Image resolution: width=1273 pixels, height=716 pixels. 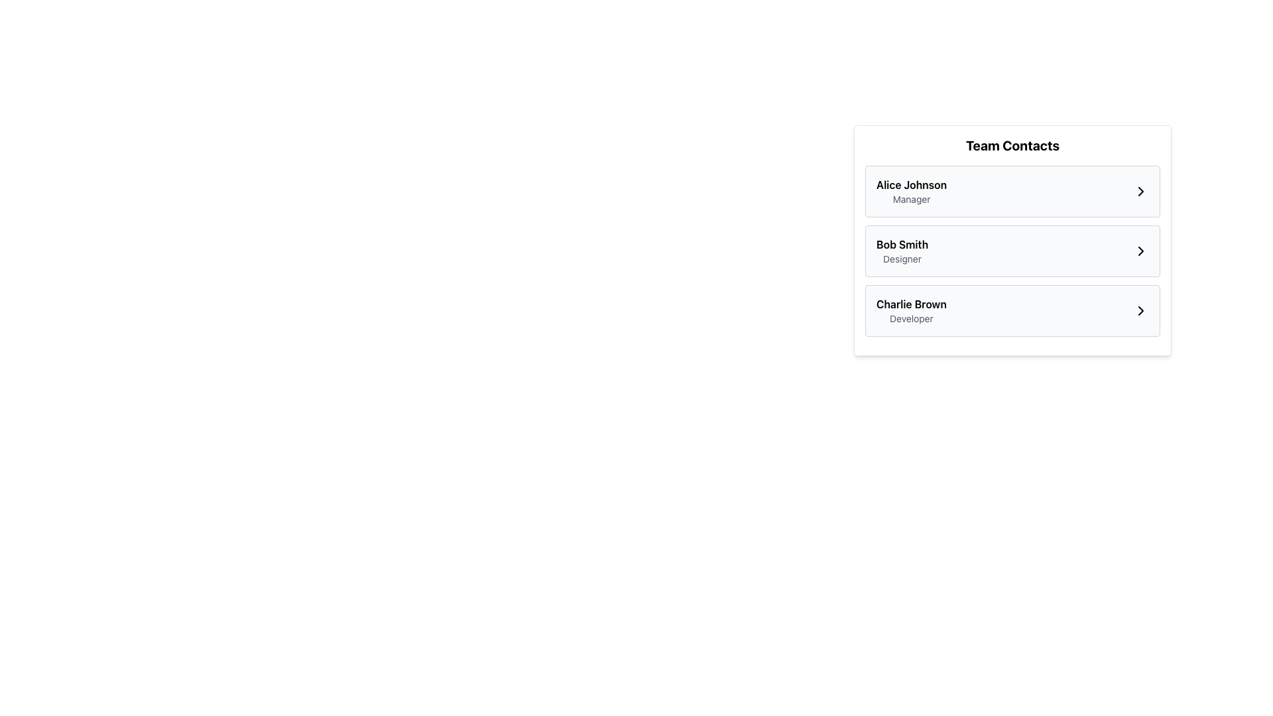 What do you see at coordinates (911, 192) in the screenshot?
I see `the Text Display Unit displaying the name 'Alice Johnson' and subtitle 'Manager', which is the first item in the 'Team Contacts' list` at bounding box center [911, 192].